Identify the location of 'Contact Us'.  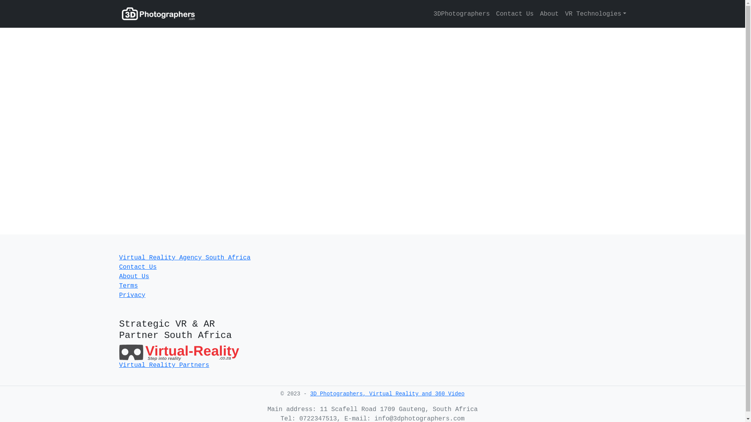
(137, 266).